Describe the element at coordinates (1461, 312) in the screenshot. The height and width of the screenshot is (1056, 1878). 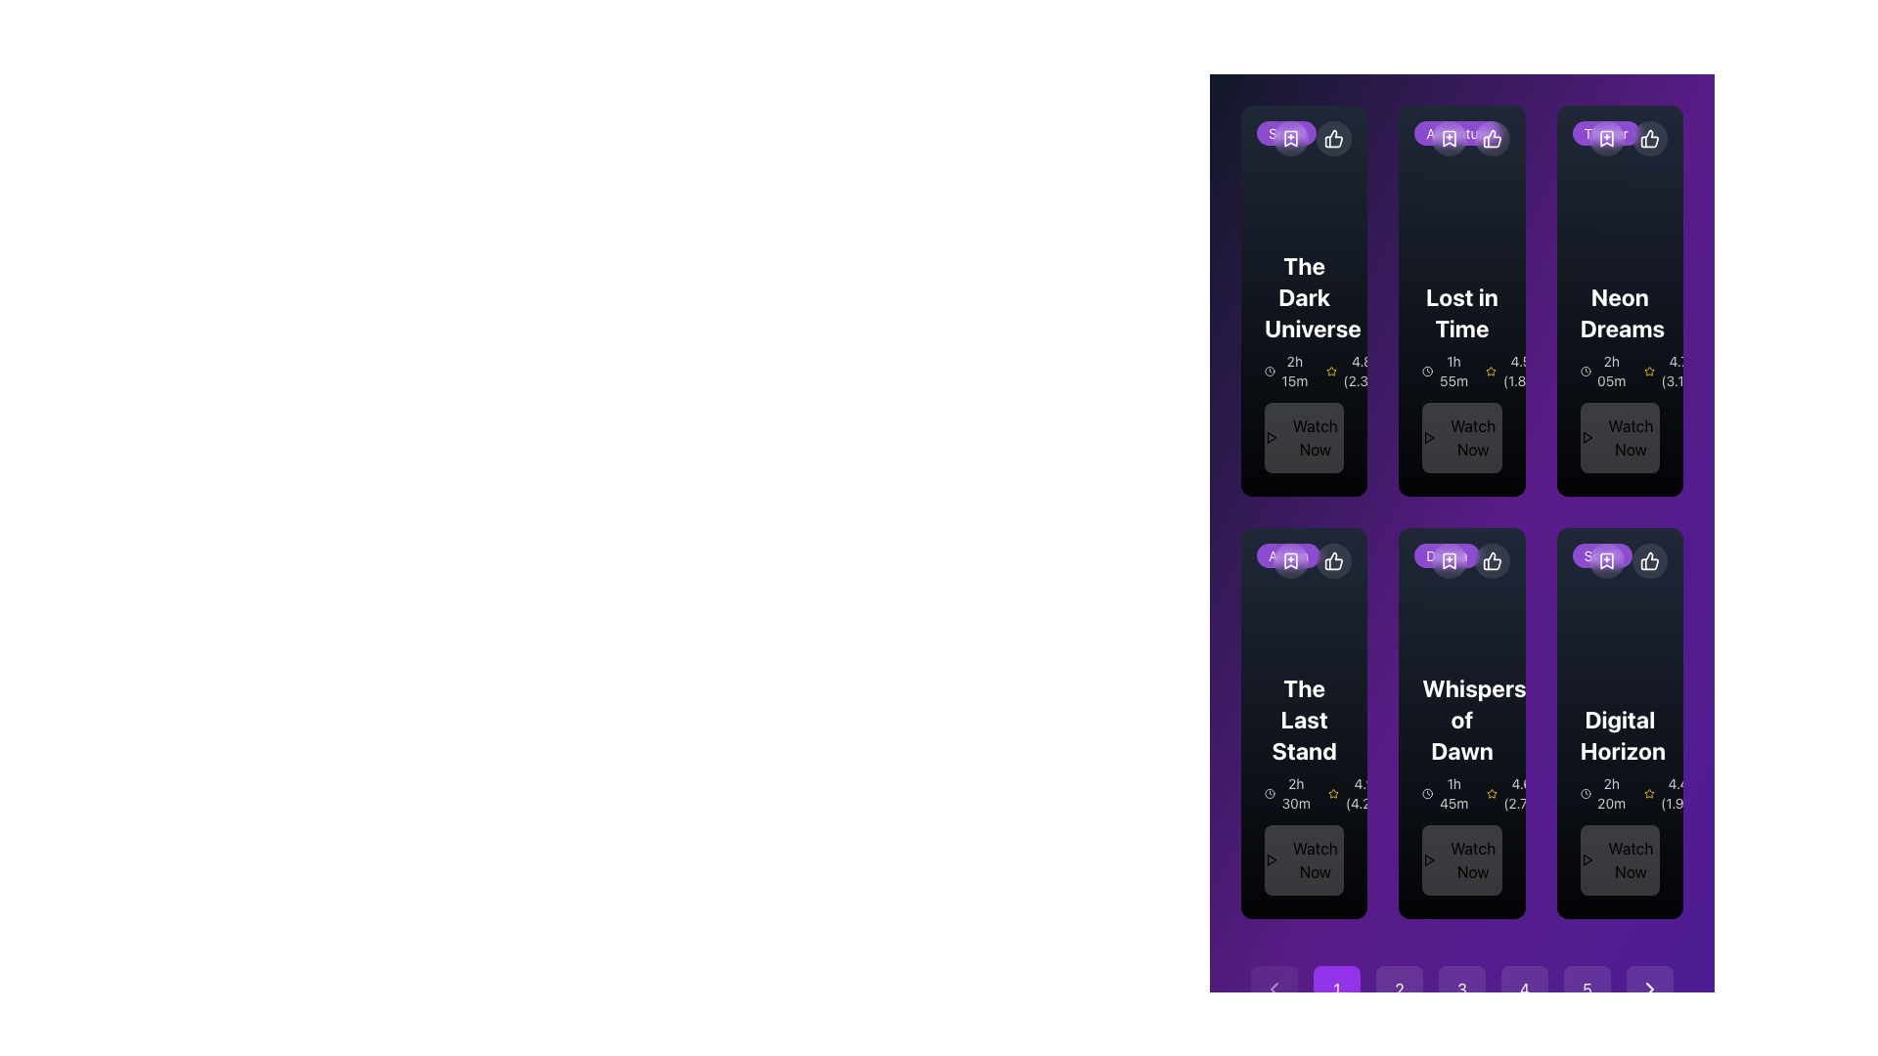
I see `the bold white text label reading 'Lost in Time' located in the first row and second column of the grid layout, positioned above additional information within its content card` at that location.